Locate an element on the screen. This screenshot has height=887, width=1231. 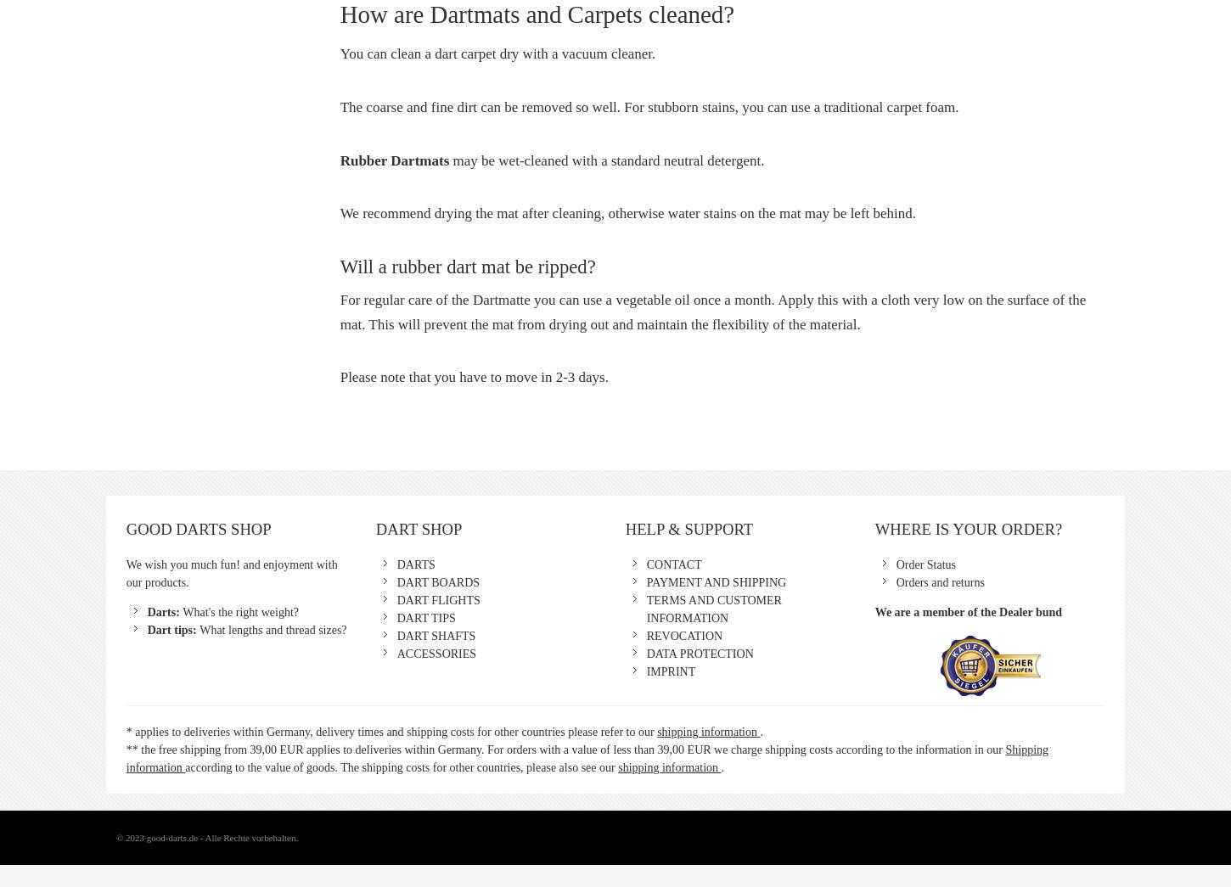
'Darts:' is located at coordinates (164, 611).